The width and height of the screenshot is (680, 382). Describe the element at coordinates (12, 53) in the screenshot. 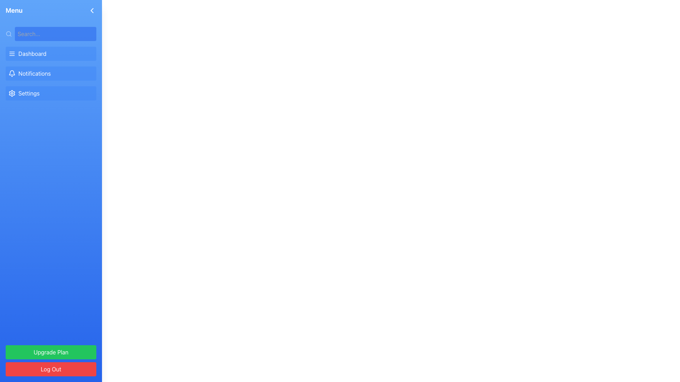

I see `the menu icon located to the left of the 'Dashboard' button` at that location.